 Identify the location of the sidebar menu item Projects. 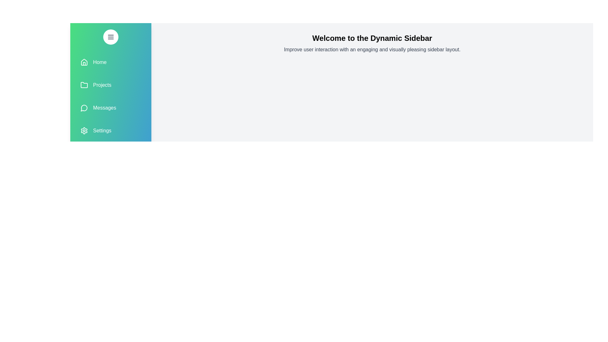
(111, 85).